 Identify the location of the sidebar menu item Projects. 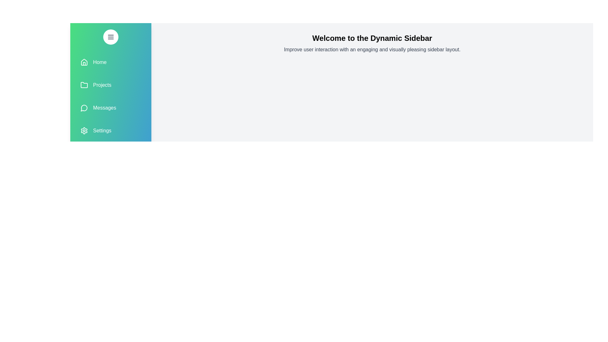
(111, 85).